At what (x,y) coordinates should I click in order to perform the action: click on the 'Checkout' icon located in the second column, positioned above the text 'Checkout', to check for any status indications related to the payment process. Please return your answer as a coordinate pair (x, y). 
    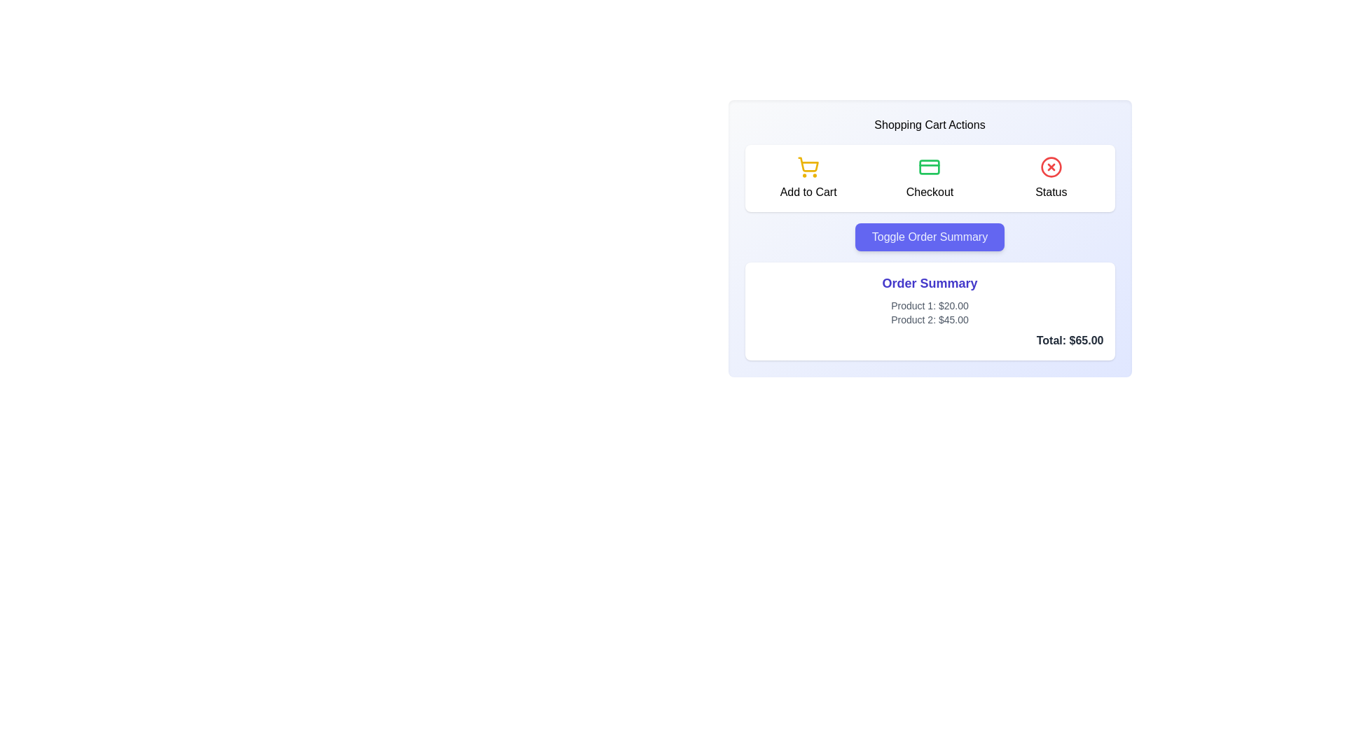
    Looking at the image, I should click on (930, 167).